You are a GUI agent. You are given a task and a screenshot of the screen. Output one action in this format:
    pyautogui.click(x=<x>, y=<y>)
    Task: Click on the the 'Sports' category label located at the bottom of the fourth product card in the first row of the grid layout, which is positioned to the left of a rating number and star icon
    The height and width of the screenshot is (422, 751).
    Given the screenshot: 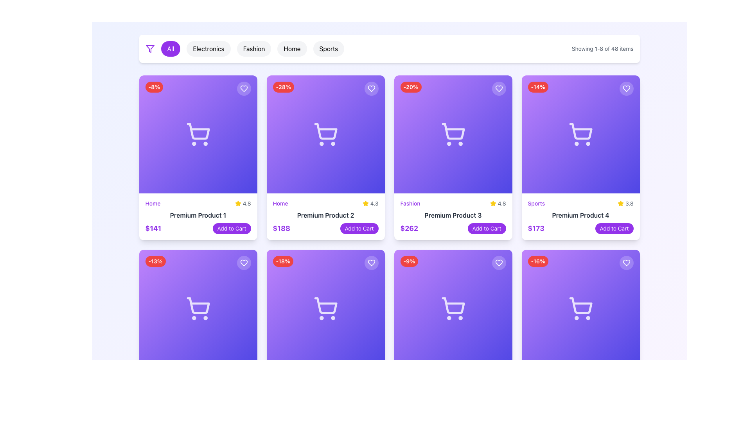 What is the action you would take?
    pyautogui.click(x=536, y=203)
    